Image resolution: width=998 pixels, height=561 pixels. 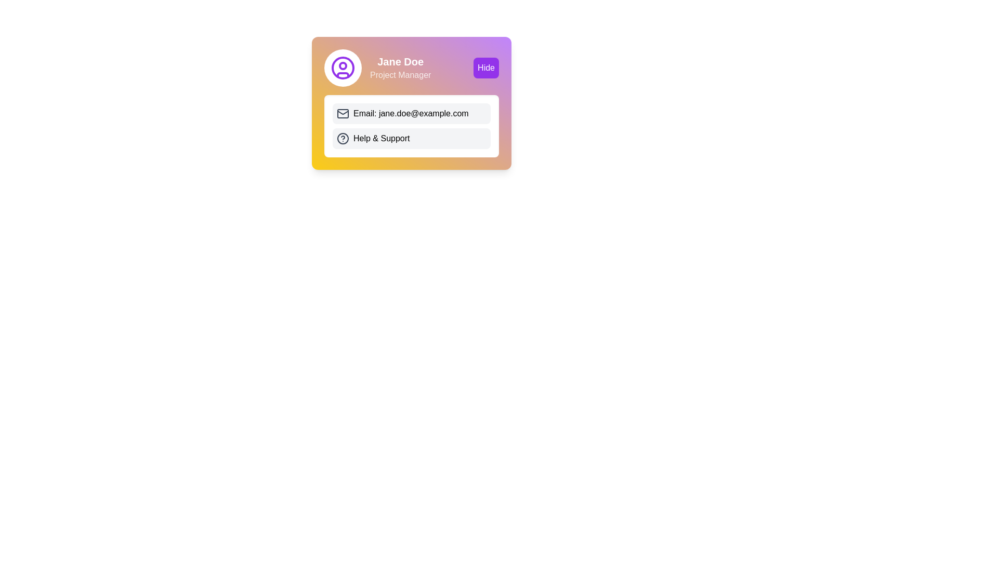 I want to click on the interactive button labeled 'Email: jane.doe@example.com', so click(x=411, y=114).